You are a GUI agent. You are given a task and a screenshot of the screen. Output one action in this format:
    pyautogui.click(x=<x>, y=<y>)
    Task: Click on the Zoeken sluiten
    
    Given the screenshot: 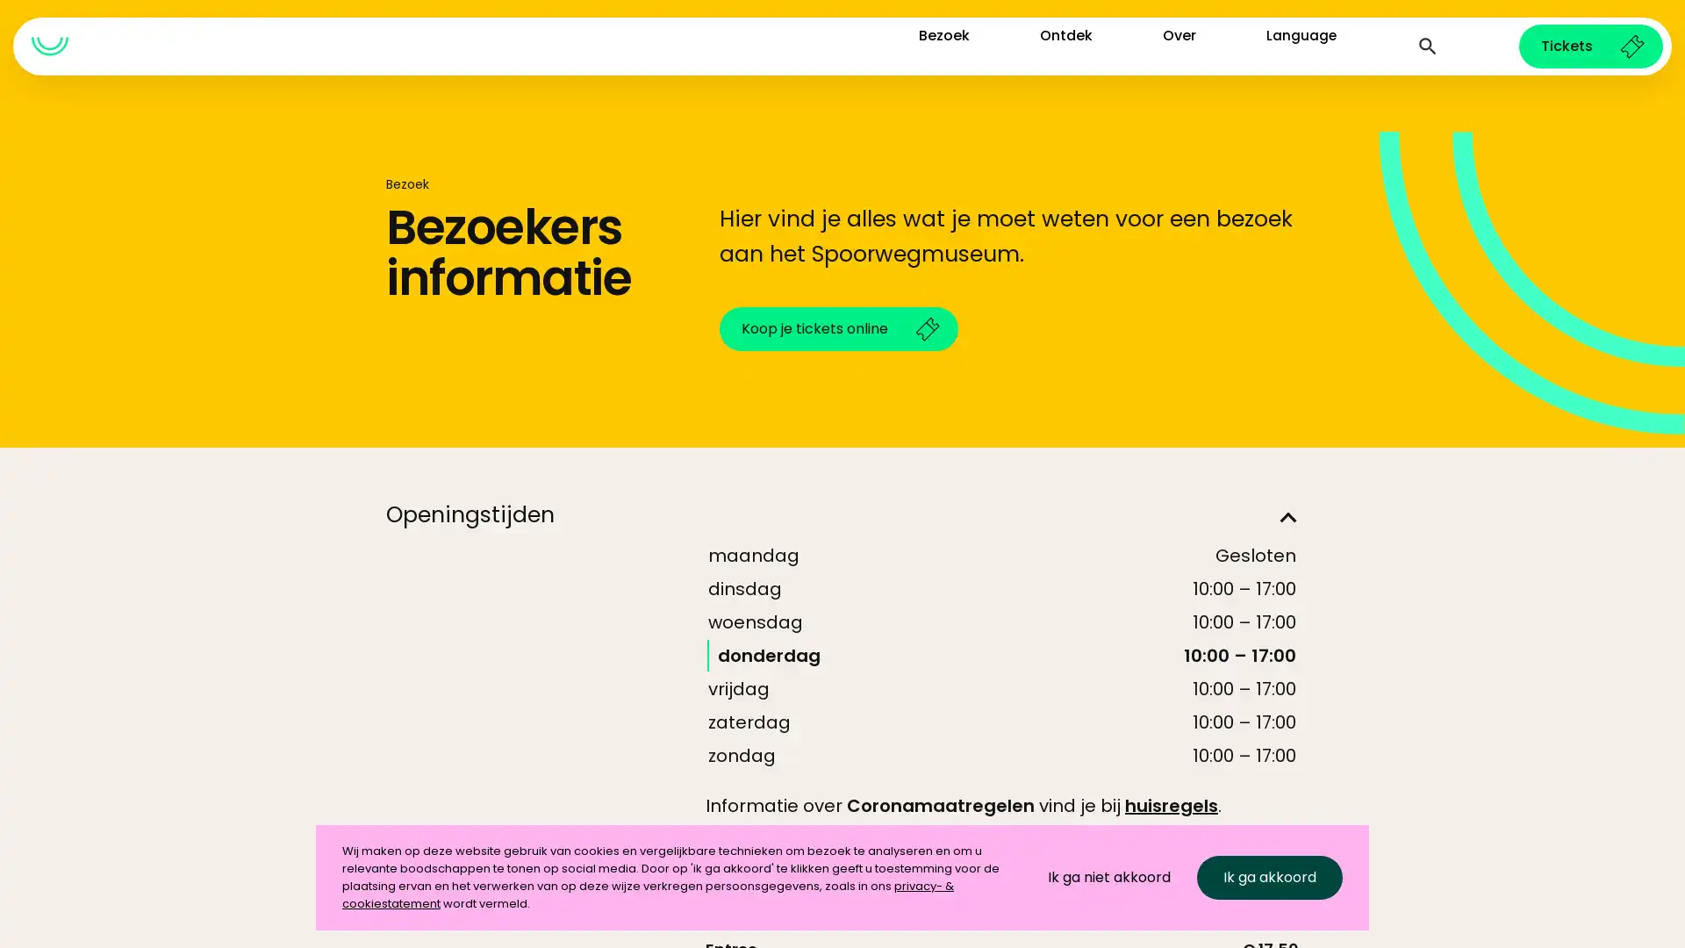 What is the action you would take?
    pyautogui.click(x=1428, y=46)
    